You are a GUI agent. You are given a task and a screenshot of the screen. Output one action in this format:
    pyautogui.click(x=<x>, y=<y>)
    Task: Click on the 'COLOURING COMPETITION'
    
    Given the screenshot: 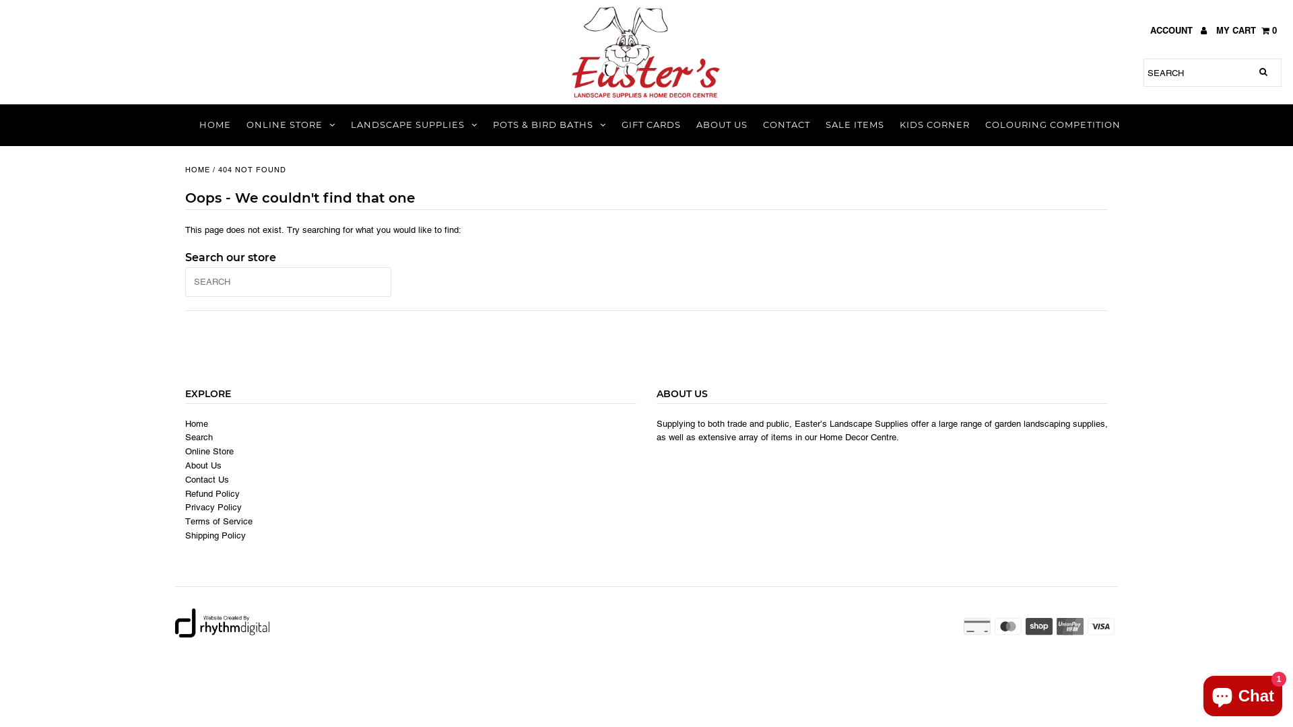 What is the action you would take?
    pyautogui.click(x=979, y=125)
    